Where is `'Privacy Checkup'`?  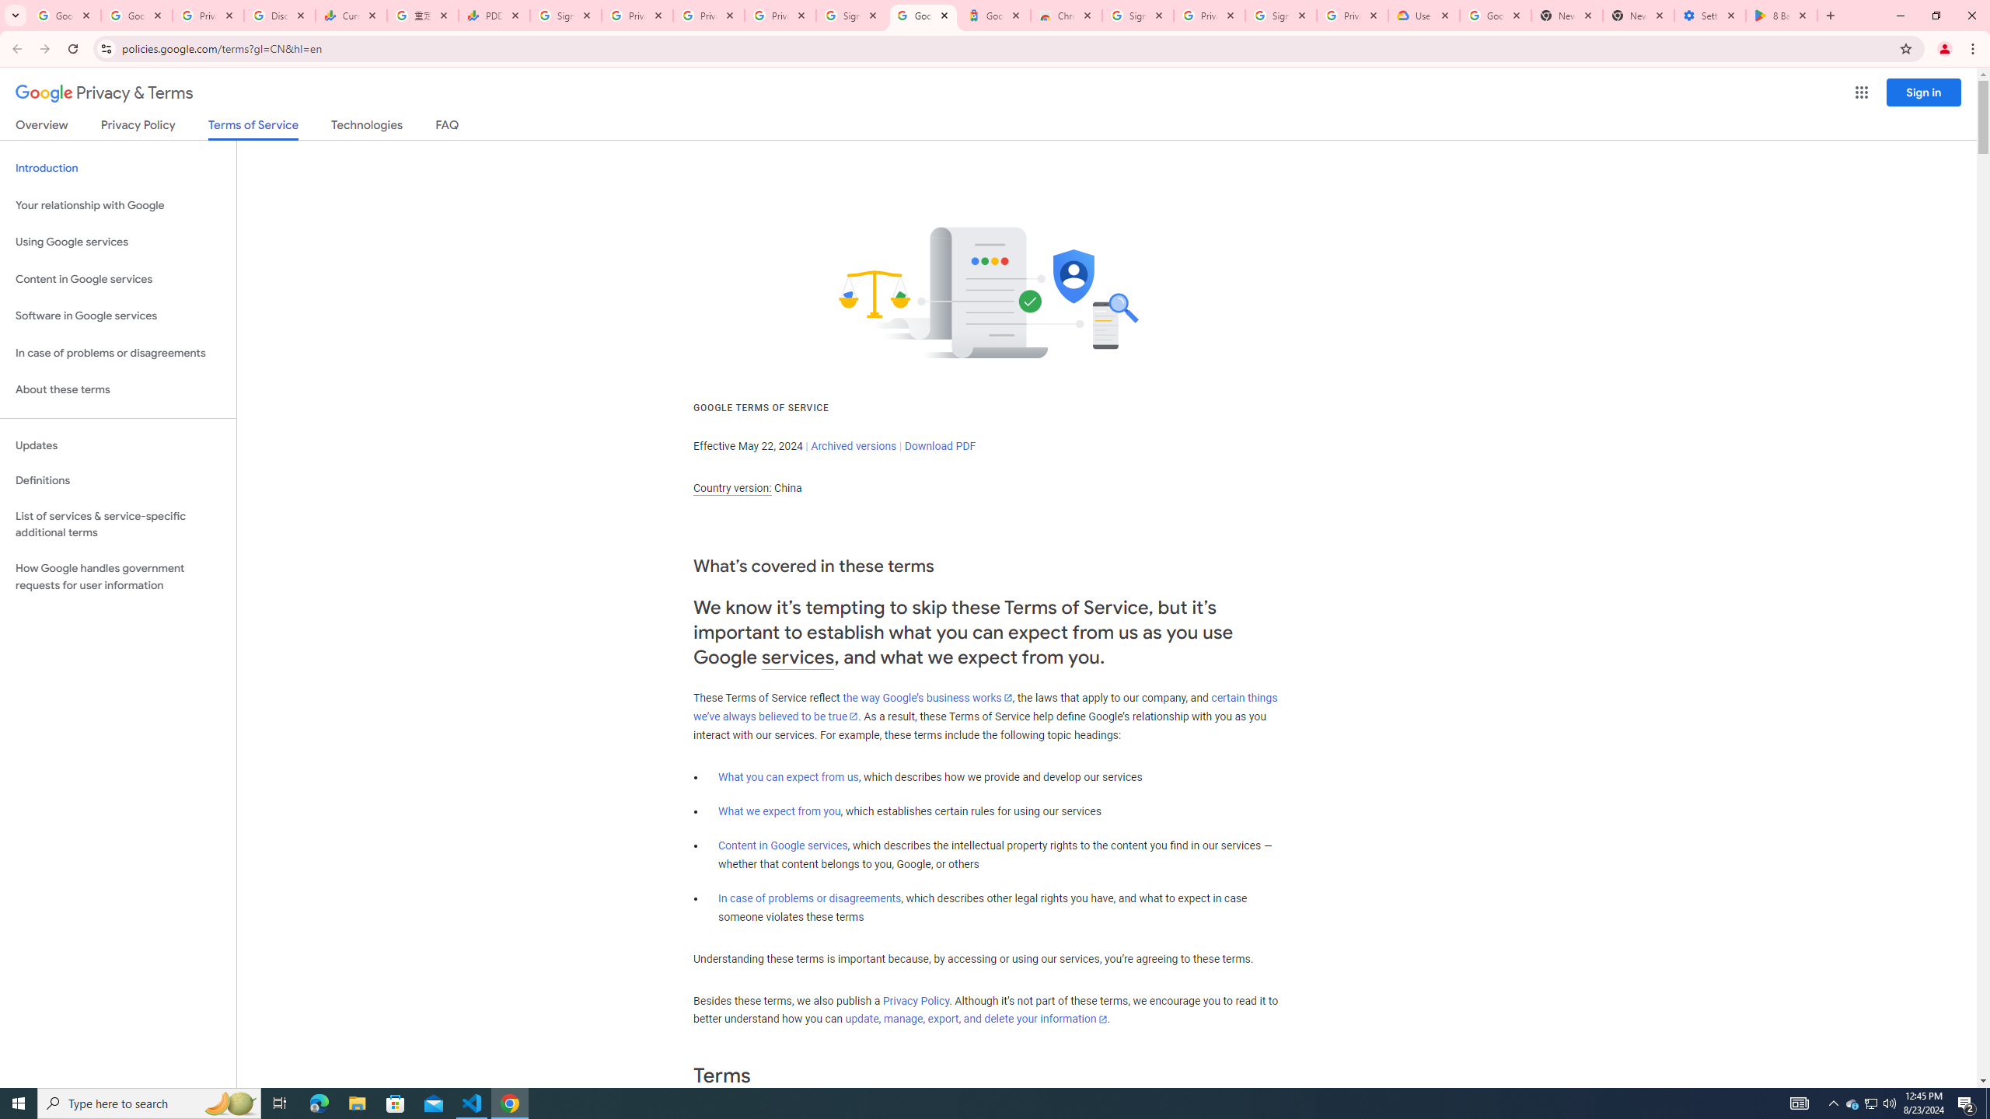
'Privacy Checkup' is located at coordinates (780, 15).